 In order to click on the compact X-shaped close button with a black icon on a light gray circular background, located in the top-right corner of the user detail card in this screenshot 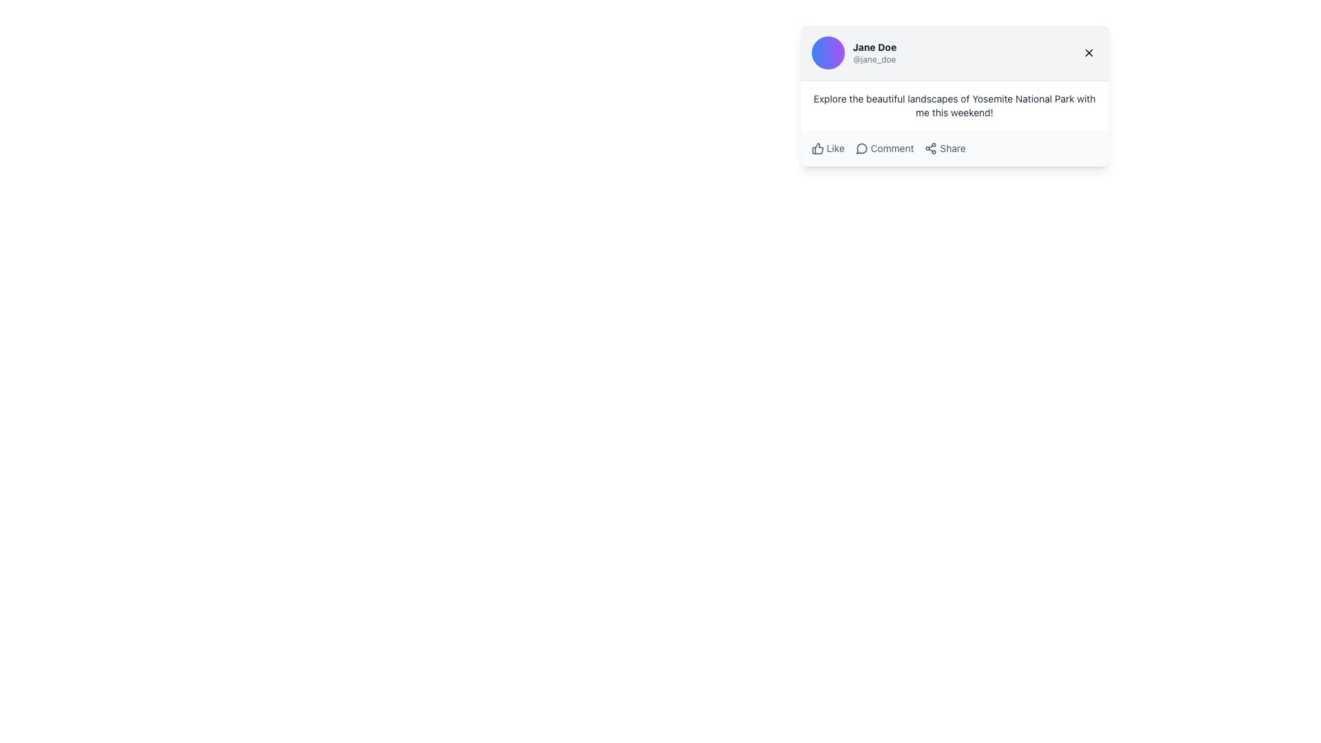, I will do `click(1088, 52)`.